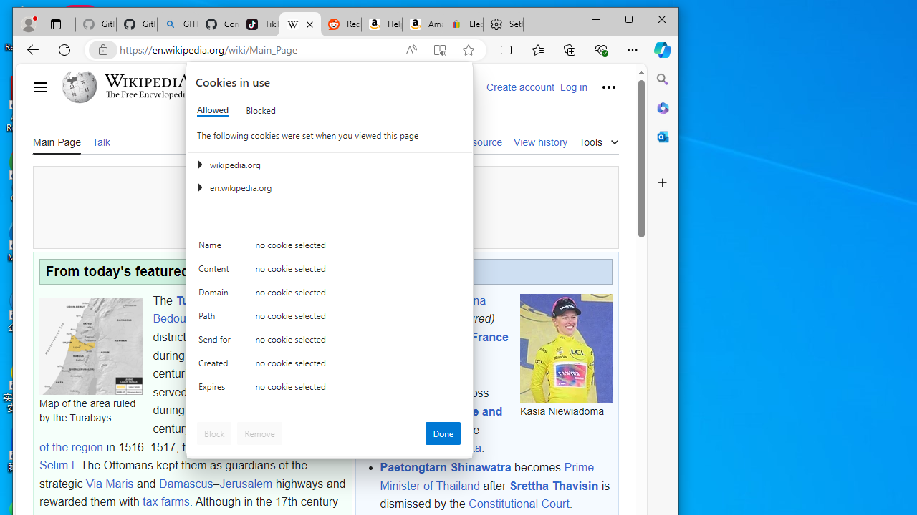 This screenshot has height=515, width=917. What do you see at coordinates (216, 318) in the screenshot?
I see `'Path'` at bounding box center [216, 318].